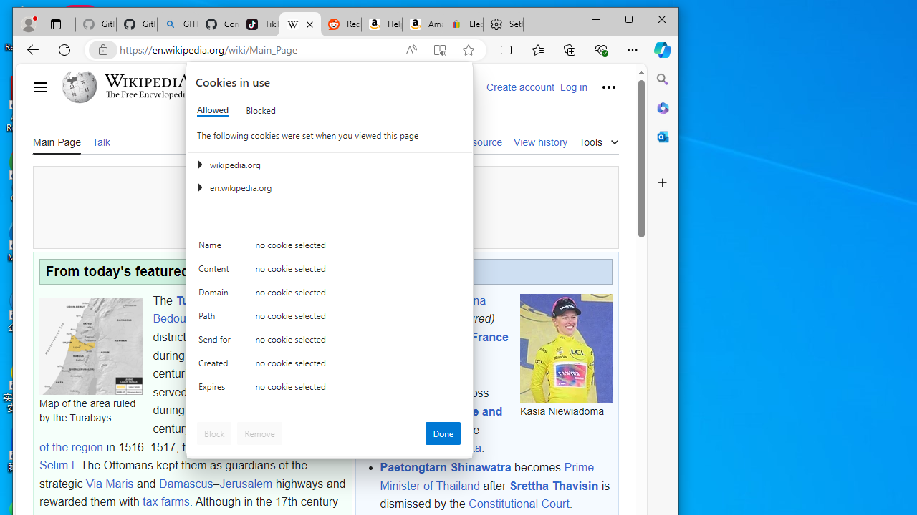 This screenshot has height=515, width=917. What do you see at coordinates (216, 318) in the screenshot?
I see `'Path'` at bounding box center [216, 318].